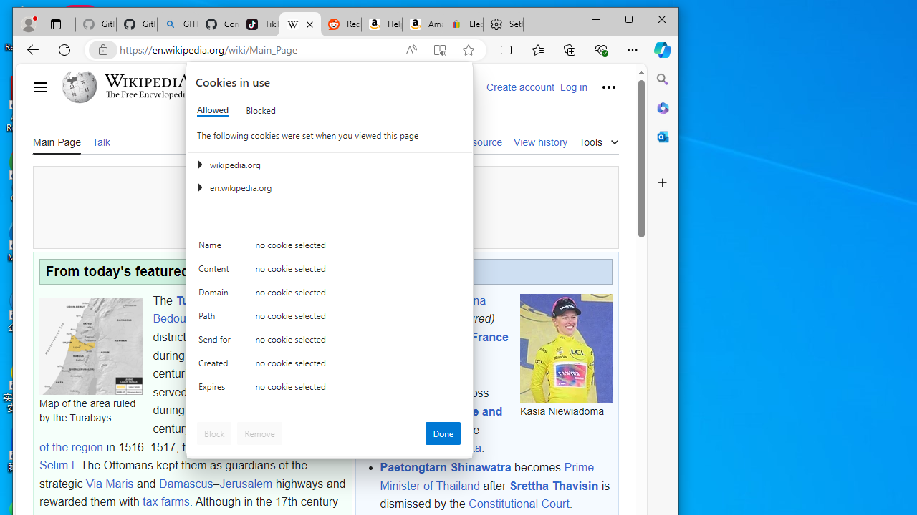 This screenshot has height=515, width=917. What do you see at coordinates (216, 318) in the screenshot?
I see `'Path'` at bounding box center [216, 318].